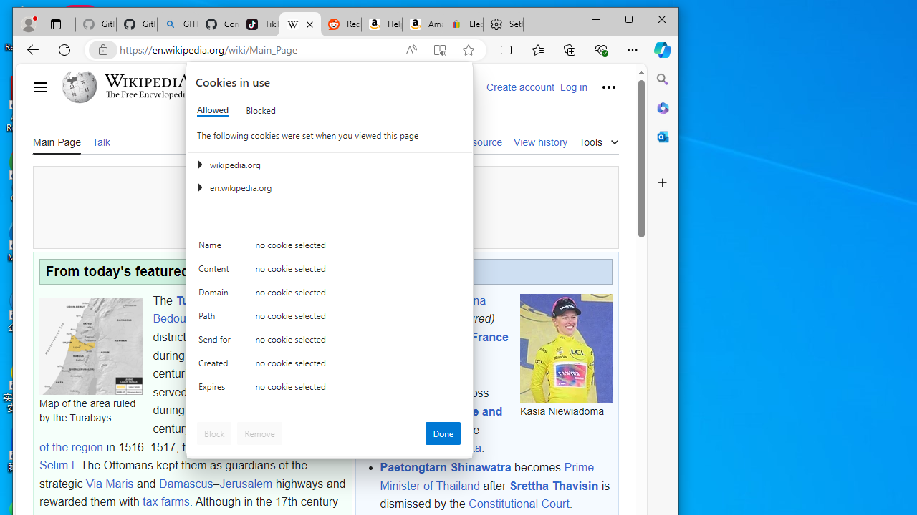 This screenshot has height=515, width=917. What do you see at coordinates (216, 318) in the screenshot?
I see `'Path'` at bounding box center [216, 318].